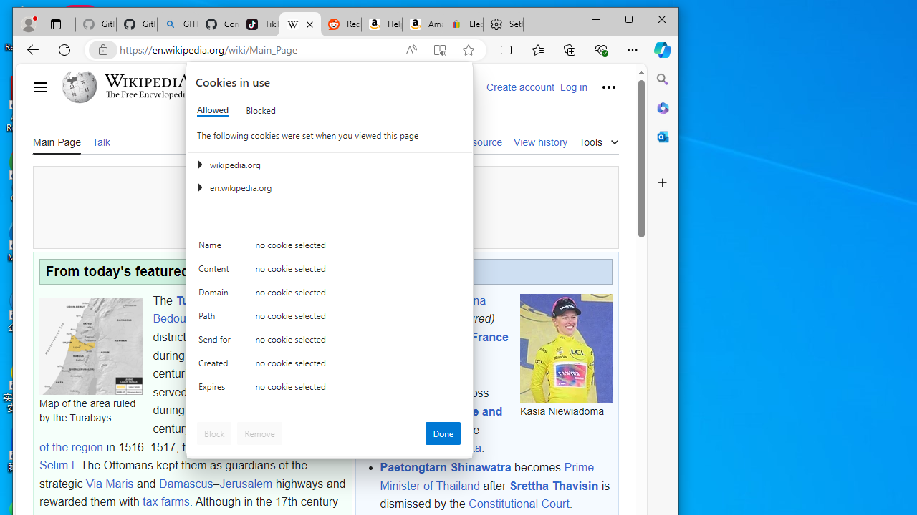 This screenshot has height=515, width=917. What do you see at coordinates (216, 318) in the screenshot?
I see `'Path'` at bounding box center [216, 318].